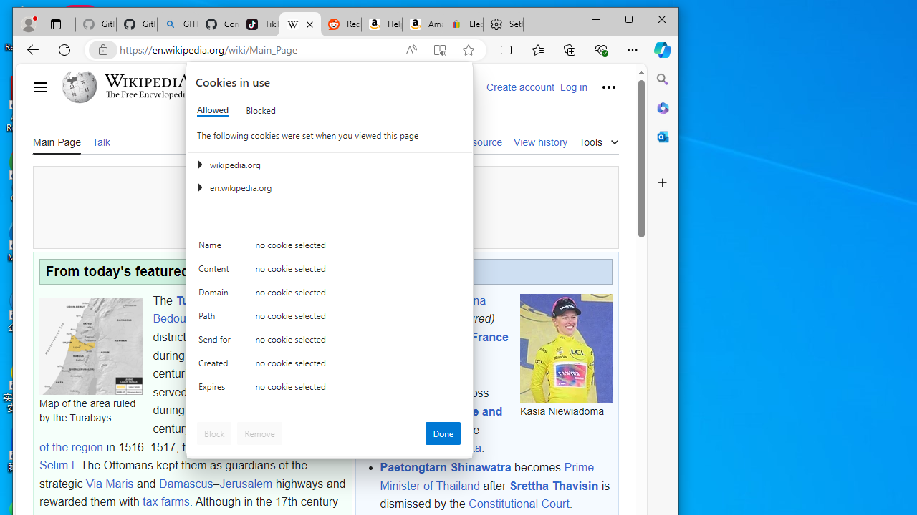 This screenshot has height=515, width=917. What do you see at coordinates (216, 318) in the screenshot?
I see `'Path'` at bounding box center [216, 318].